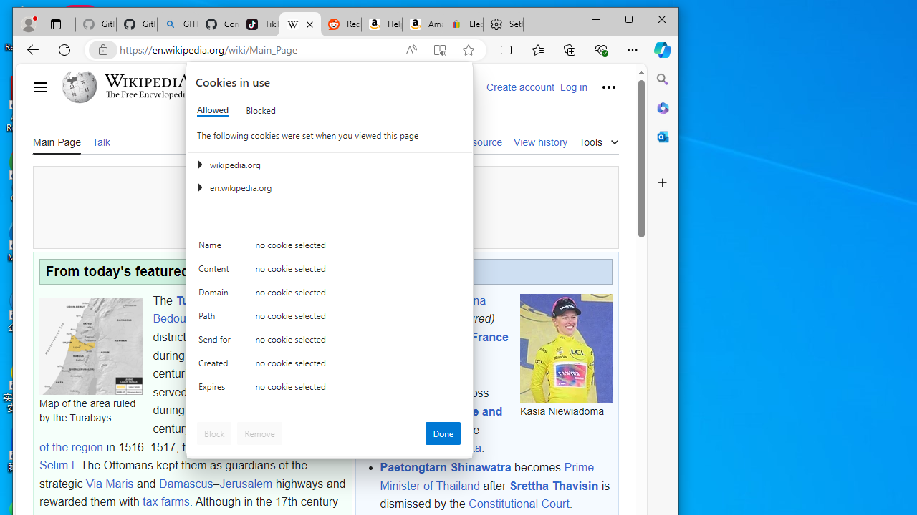 This screenshot has height=515, width=917. What do you see at coordinates (216, 318) in the screenshot?
I see `'Path'` at bounding box center [216, 318].